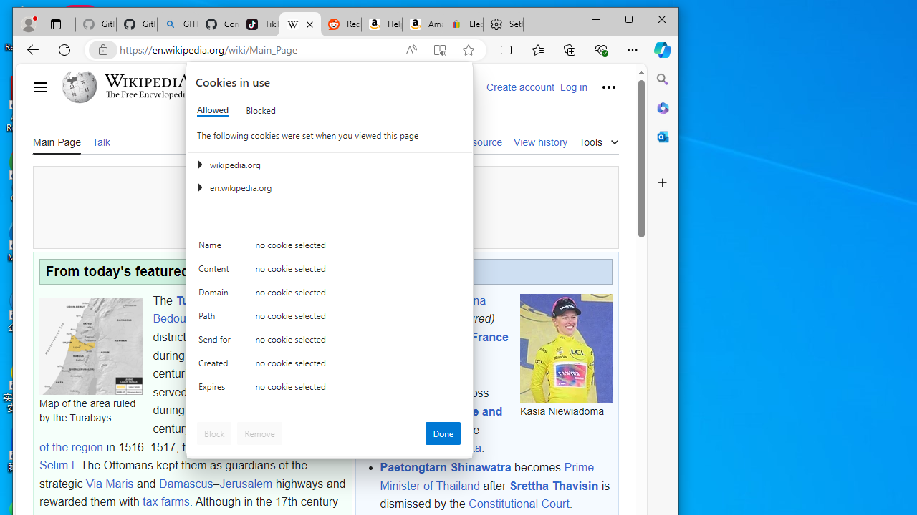 This screenshot has height=515, width=917. What do you see at coordinates (216, 318) in the screenshot?
I see `'Path'` at bounding box center [216, 318].